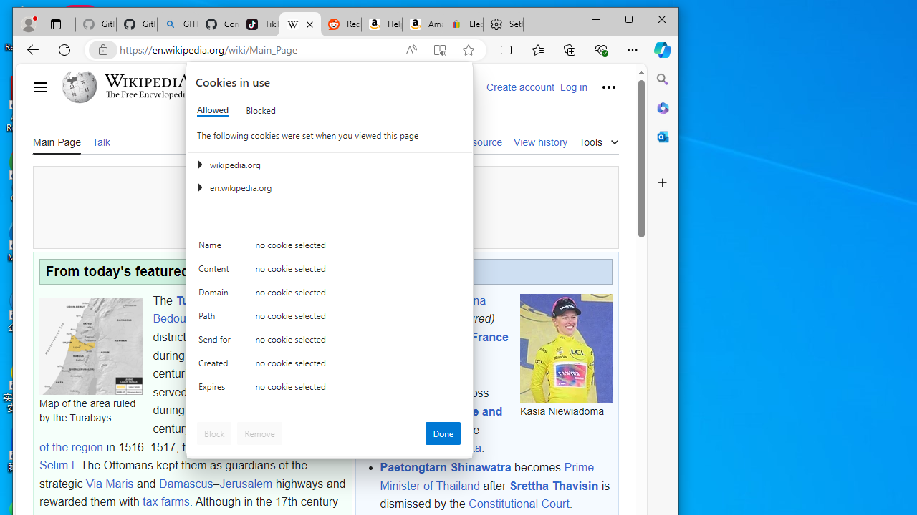 This screenshot has height=515, width=917. What do you see at coordinates (216, 318) in the screenshot?
I see `'Path'` at bounding box center [216, 318].